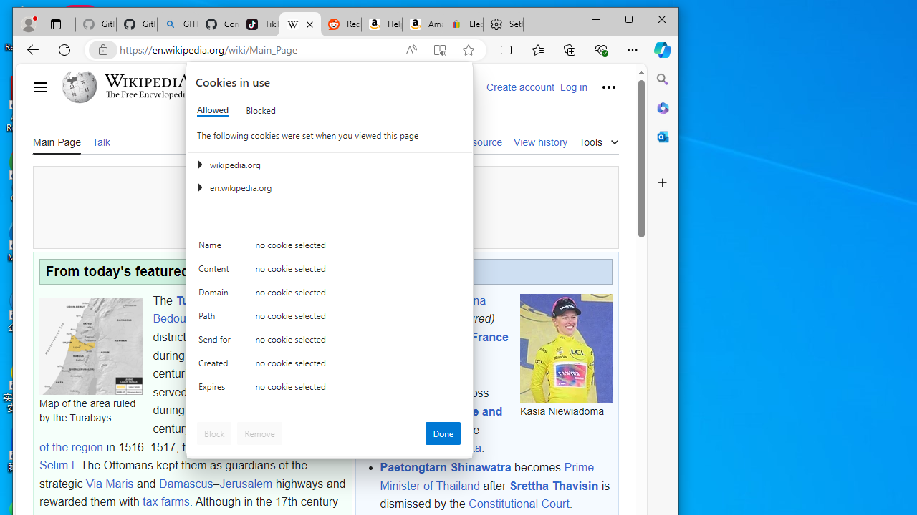 This screenshot has height=515, width=917. What do you see at coordinates (216, 318) in the screenshot?
I see `'Path'` at bounding box center [216, 318].